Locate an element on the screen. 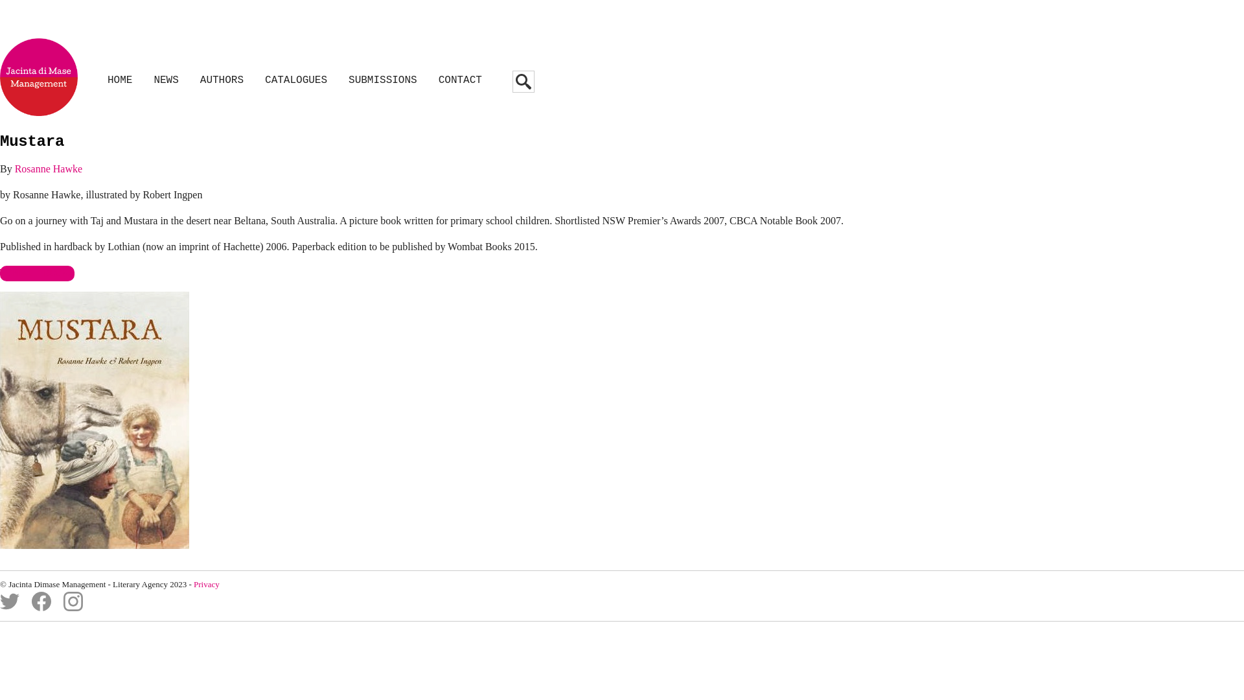 The width and height of the screenshot is (1244, 700). 'Facebook' is located at coordinates (41, 607).